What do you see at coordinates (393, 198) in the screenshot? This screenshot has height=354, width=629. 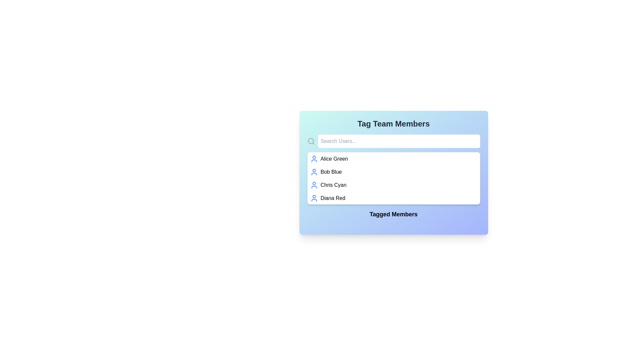 I see `the fourth user entry in the list displaying 'Diana Red'` at bounding box center [393, 198].